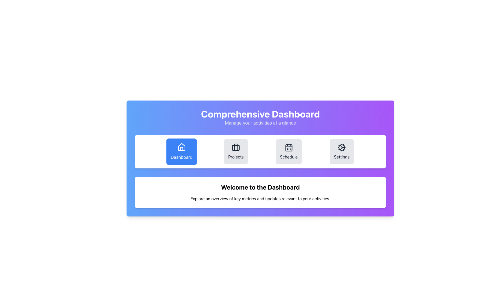  Describe the element at coordinates (181, 147) in the screenshot. I see `the house-shaped icon with a white outline against a blue background, located at the center top of the 'Dashboard' button` at that location.